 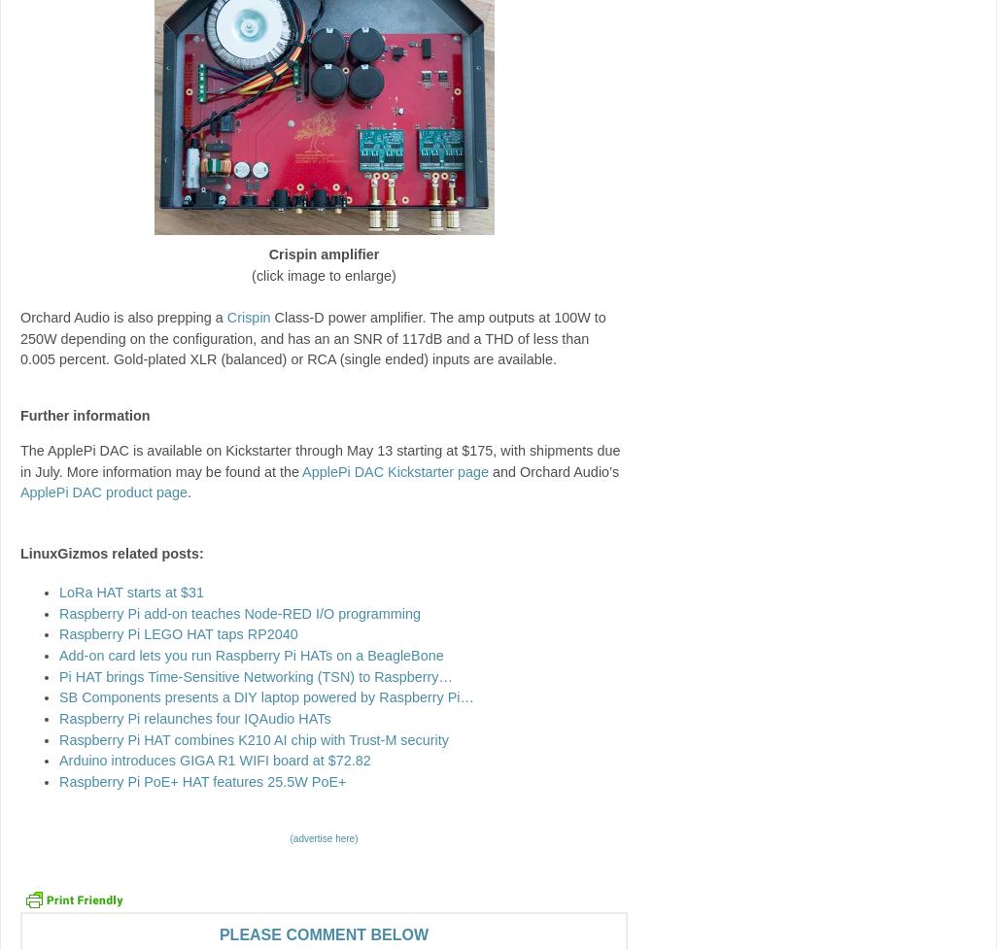 I want to click on '(advertise here)', so click(x=324, y=837).